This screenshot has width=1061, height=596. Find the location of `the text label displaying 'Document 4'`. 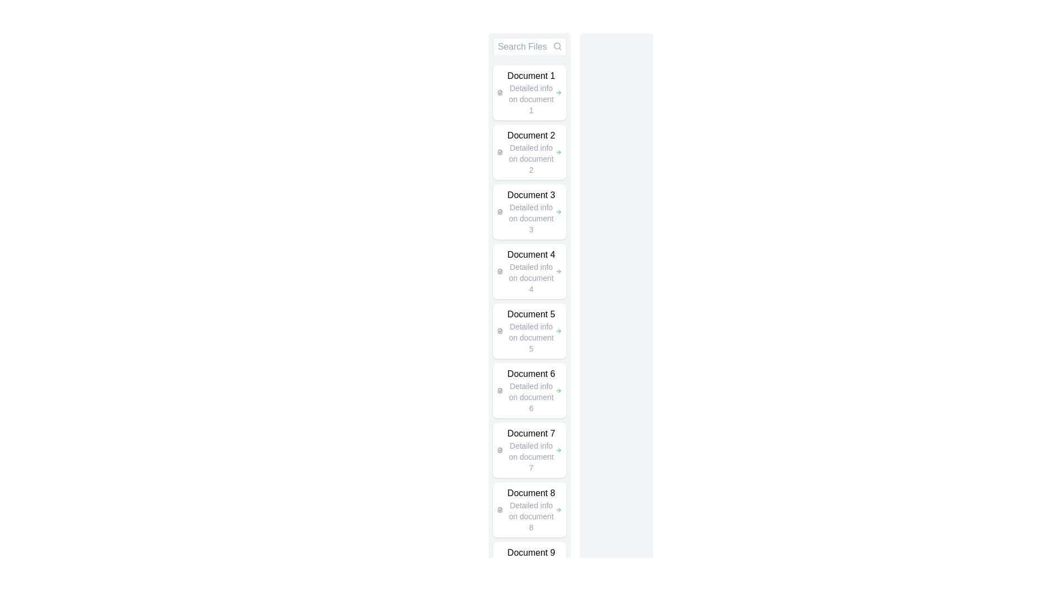

the text label displaying 'Document 4' is located at coordinates (531, 255).